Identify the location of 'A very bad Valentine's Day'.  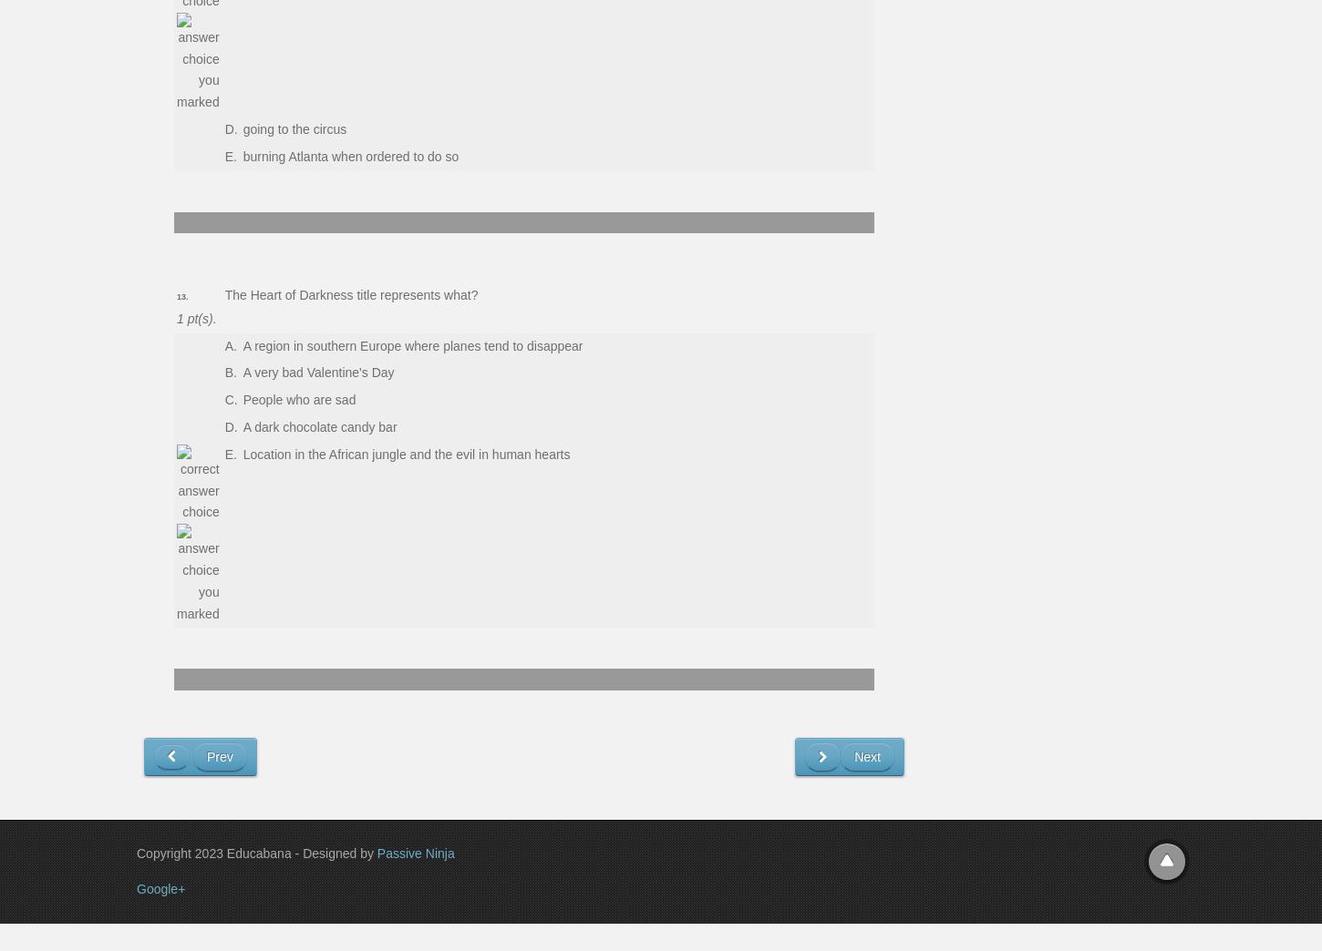
(318, 372).